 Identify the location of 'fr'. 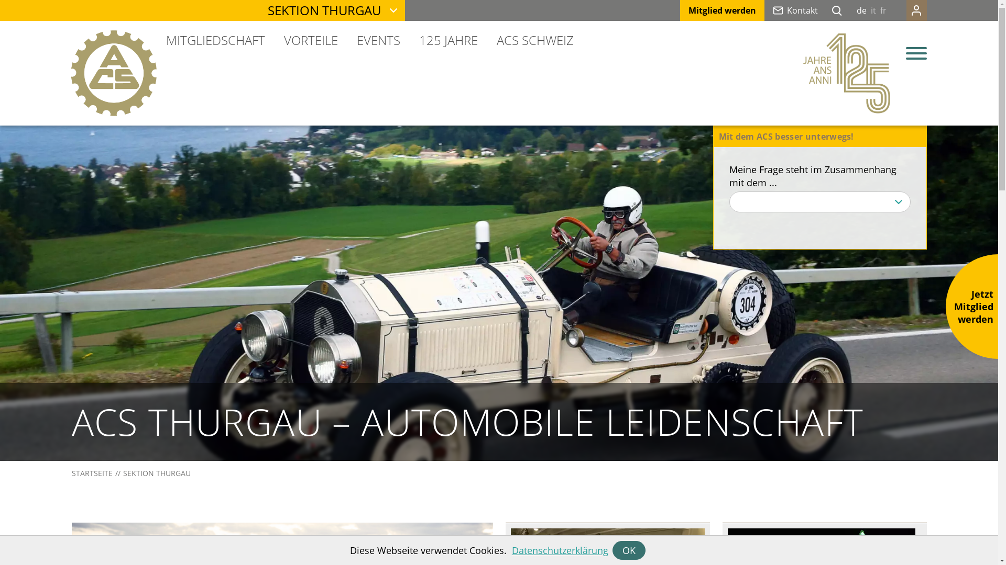
(878, 10).